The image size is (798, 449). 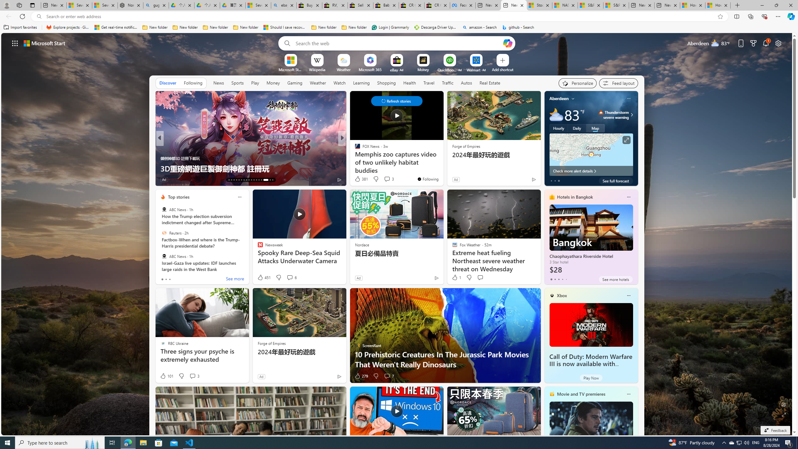 I want to click on 'Notifications', so click(x=766, y=43).